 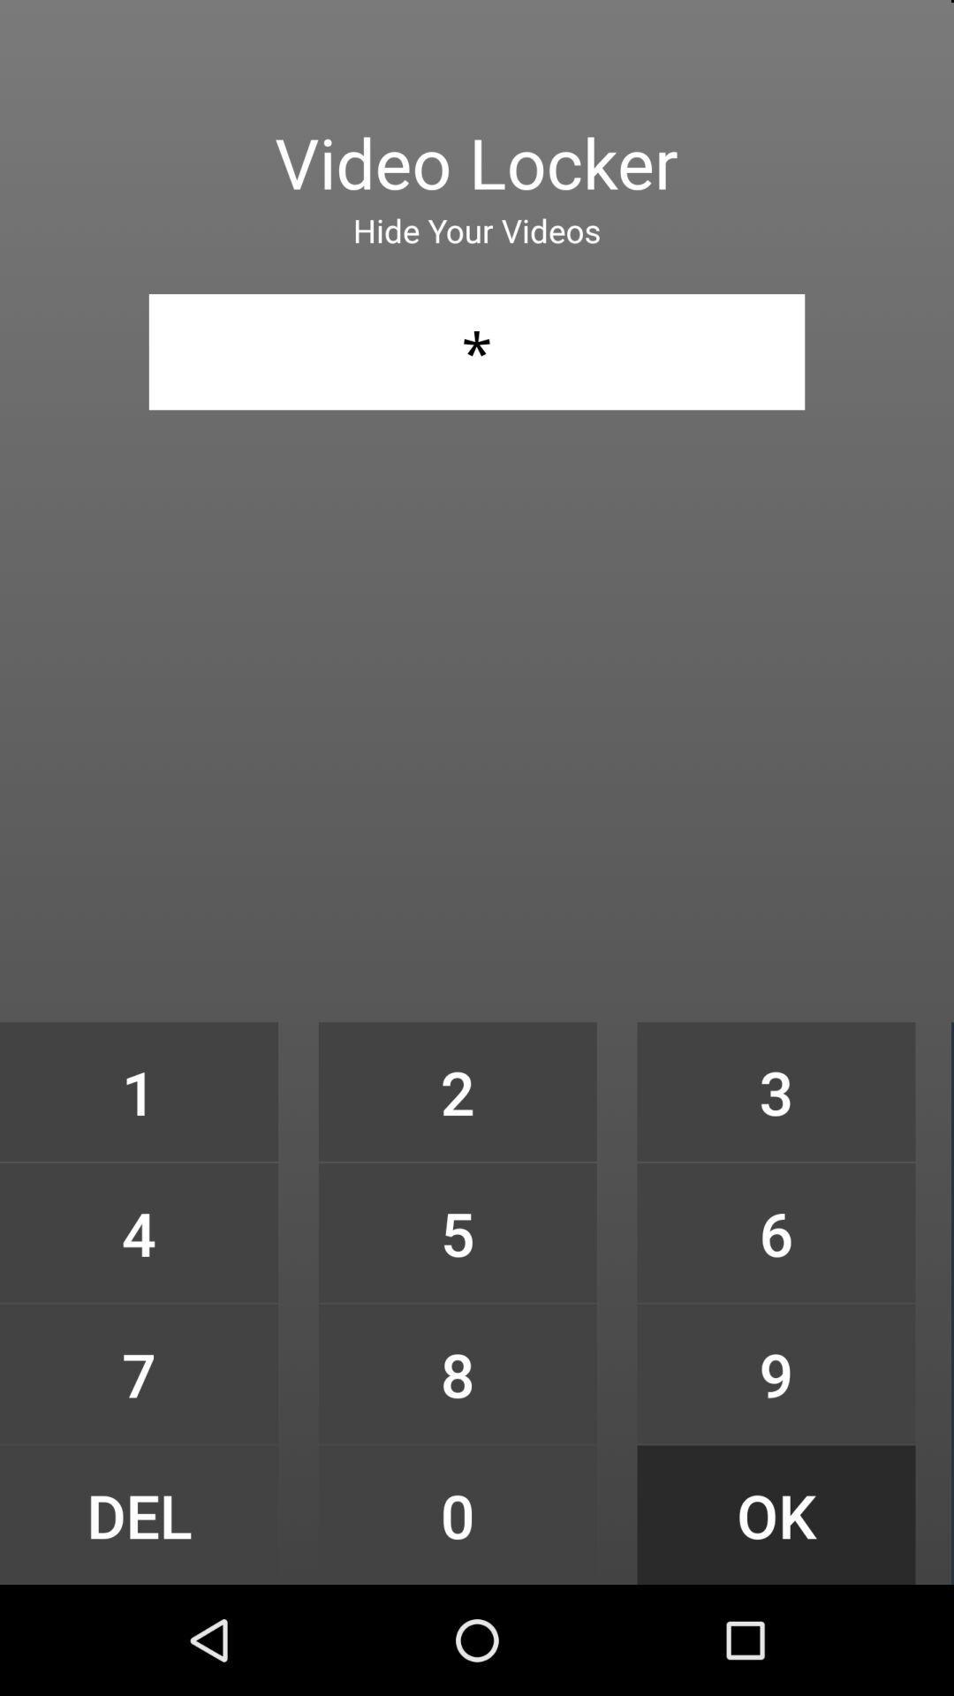 What do you see at coordinates (457, 1091) in the screenshot?
I see `the item next to 1 item` at bounding box center [457, 1091].